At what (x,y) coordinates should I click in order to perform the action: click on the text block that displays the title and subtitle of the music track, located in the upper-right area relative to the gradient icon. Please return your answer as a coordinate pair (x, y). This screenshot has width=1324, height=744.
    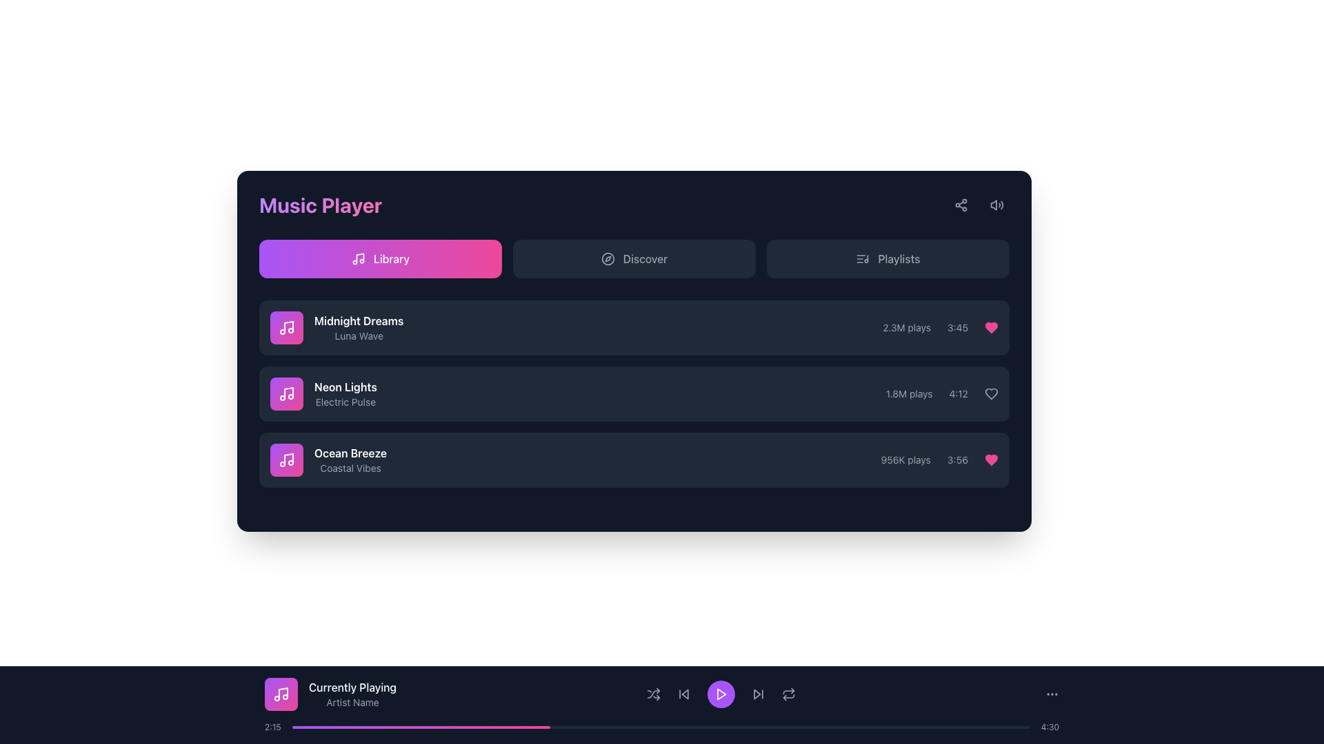
    Looking at the image, I should click on (359, 327).